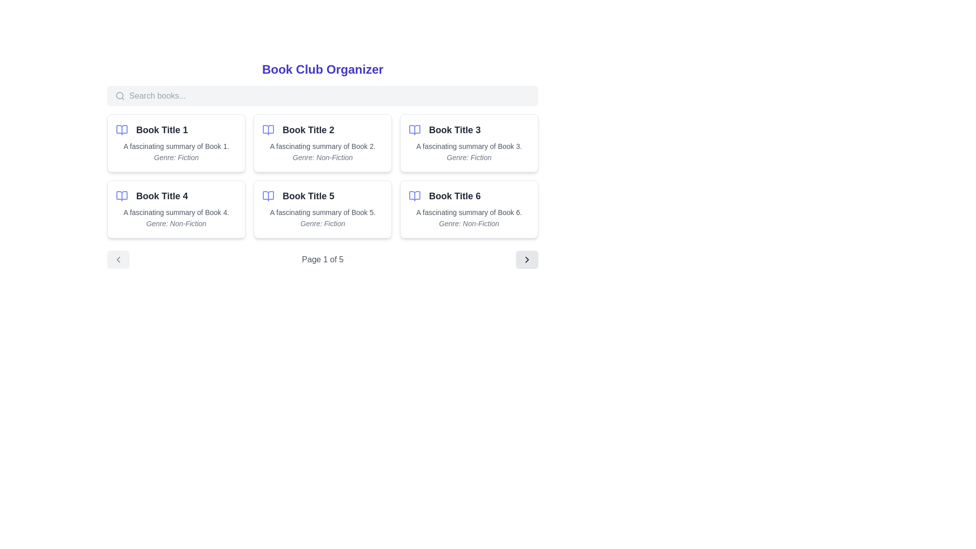  What do you see at coordinates (268, 129) in the screenshot?
I see `the indigo book icon located in the card labeled 'Book Title 2' under the 'Book Club Organizer' heading to interact with it` at bounding box center [268, 129].